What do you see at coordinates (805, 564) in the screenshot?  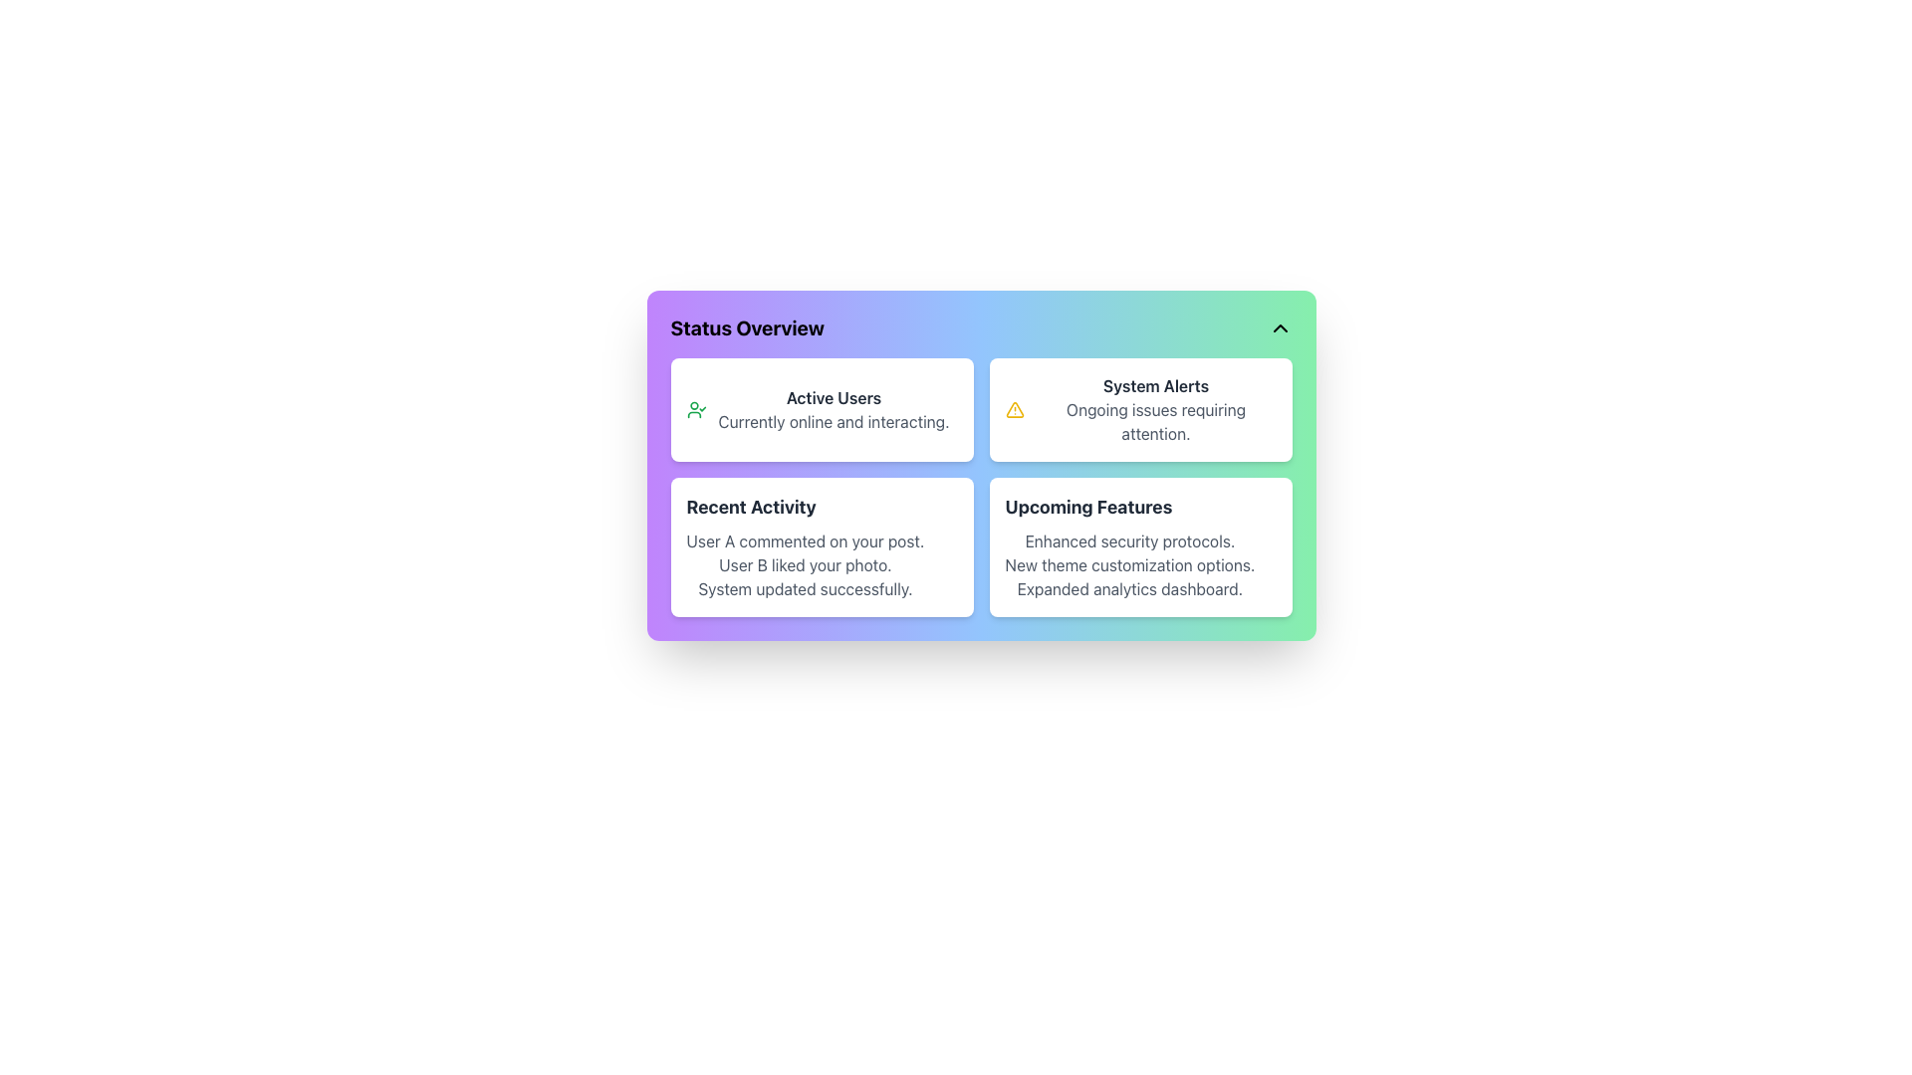 I see `the text label displaying the message 'User B liked your photo.' which is the second entry in the 'Recent Activity' section` at bounding box center [805, 564].